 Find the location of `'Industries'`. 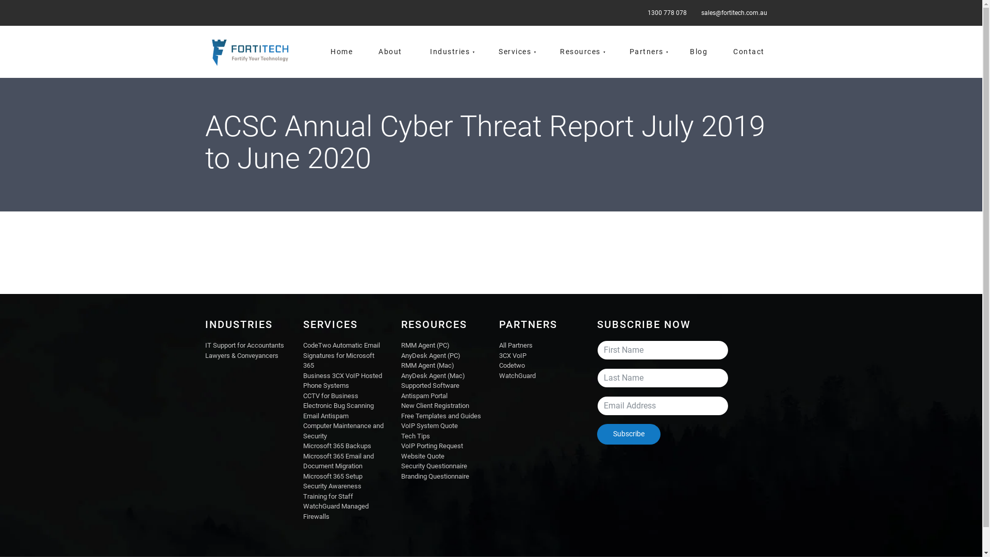

'Industries' is located at coordinates (449, 52).